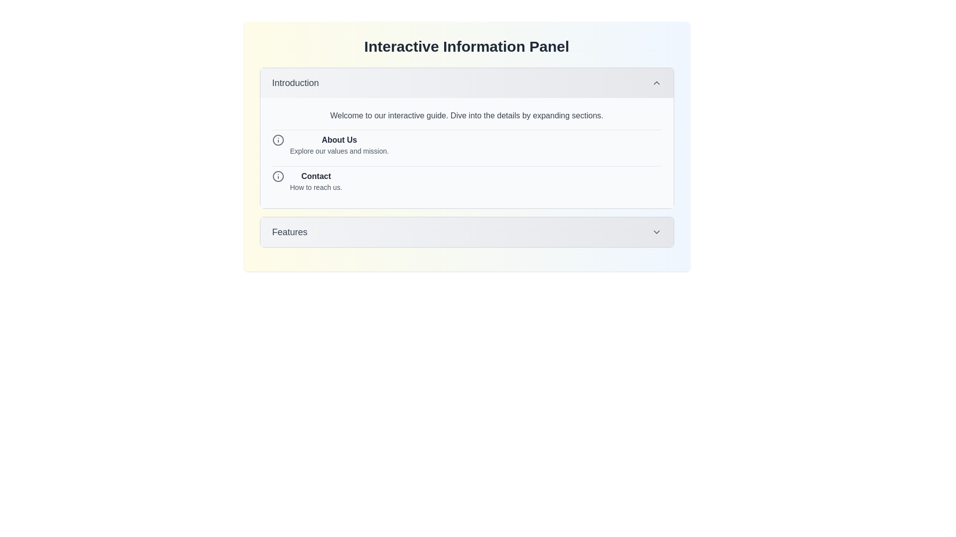 Image resolution: width=956 pixels, height=537 pixels. Describe the element at coordinates (295, 82) in the screenshot. I see `text displayed in the 'Introduction' label, which is a left-aligned, medium-sized, bold gray text located at the top-left corner of a section with a gradient background` at that location.